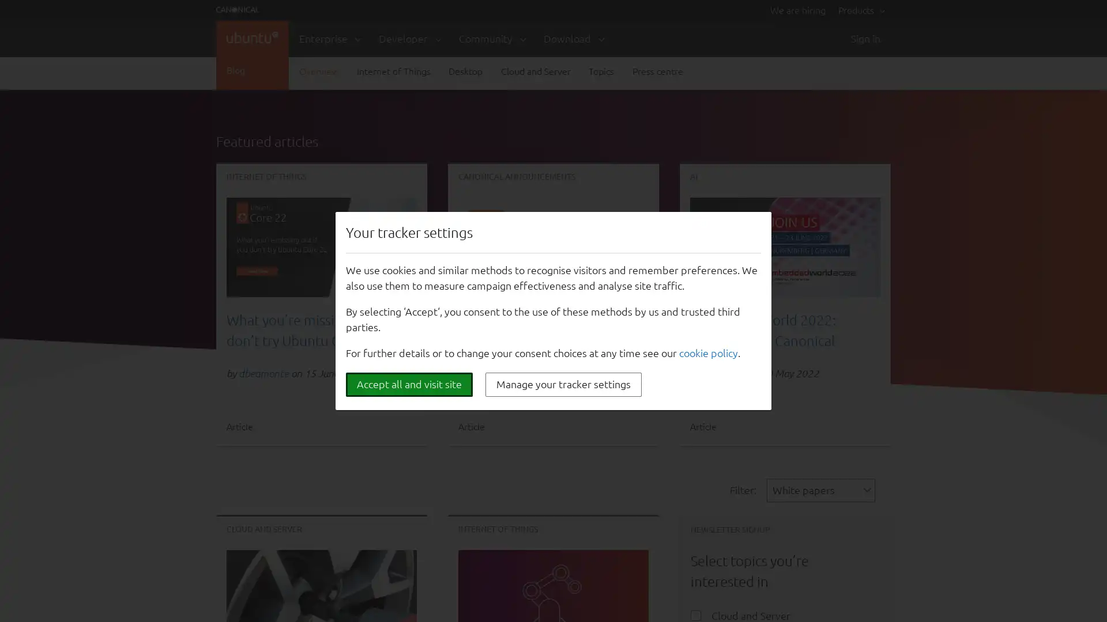 Image resolution: width=1107 pixels, height=622 pixels. Describe the element at coordinates (563, 384) in the screenshot. I see `Manage your tracker settings` at that location.